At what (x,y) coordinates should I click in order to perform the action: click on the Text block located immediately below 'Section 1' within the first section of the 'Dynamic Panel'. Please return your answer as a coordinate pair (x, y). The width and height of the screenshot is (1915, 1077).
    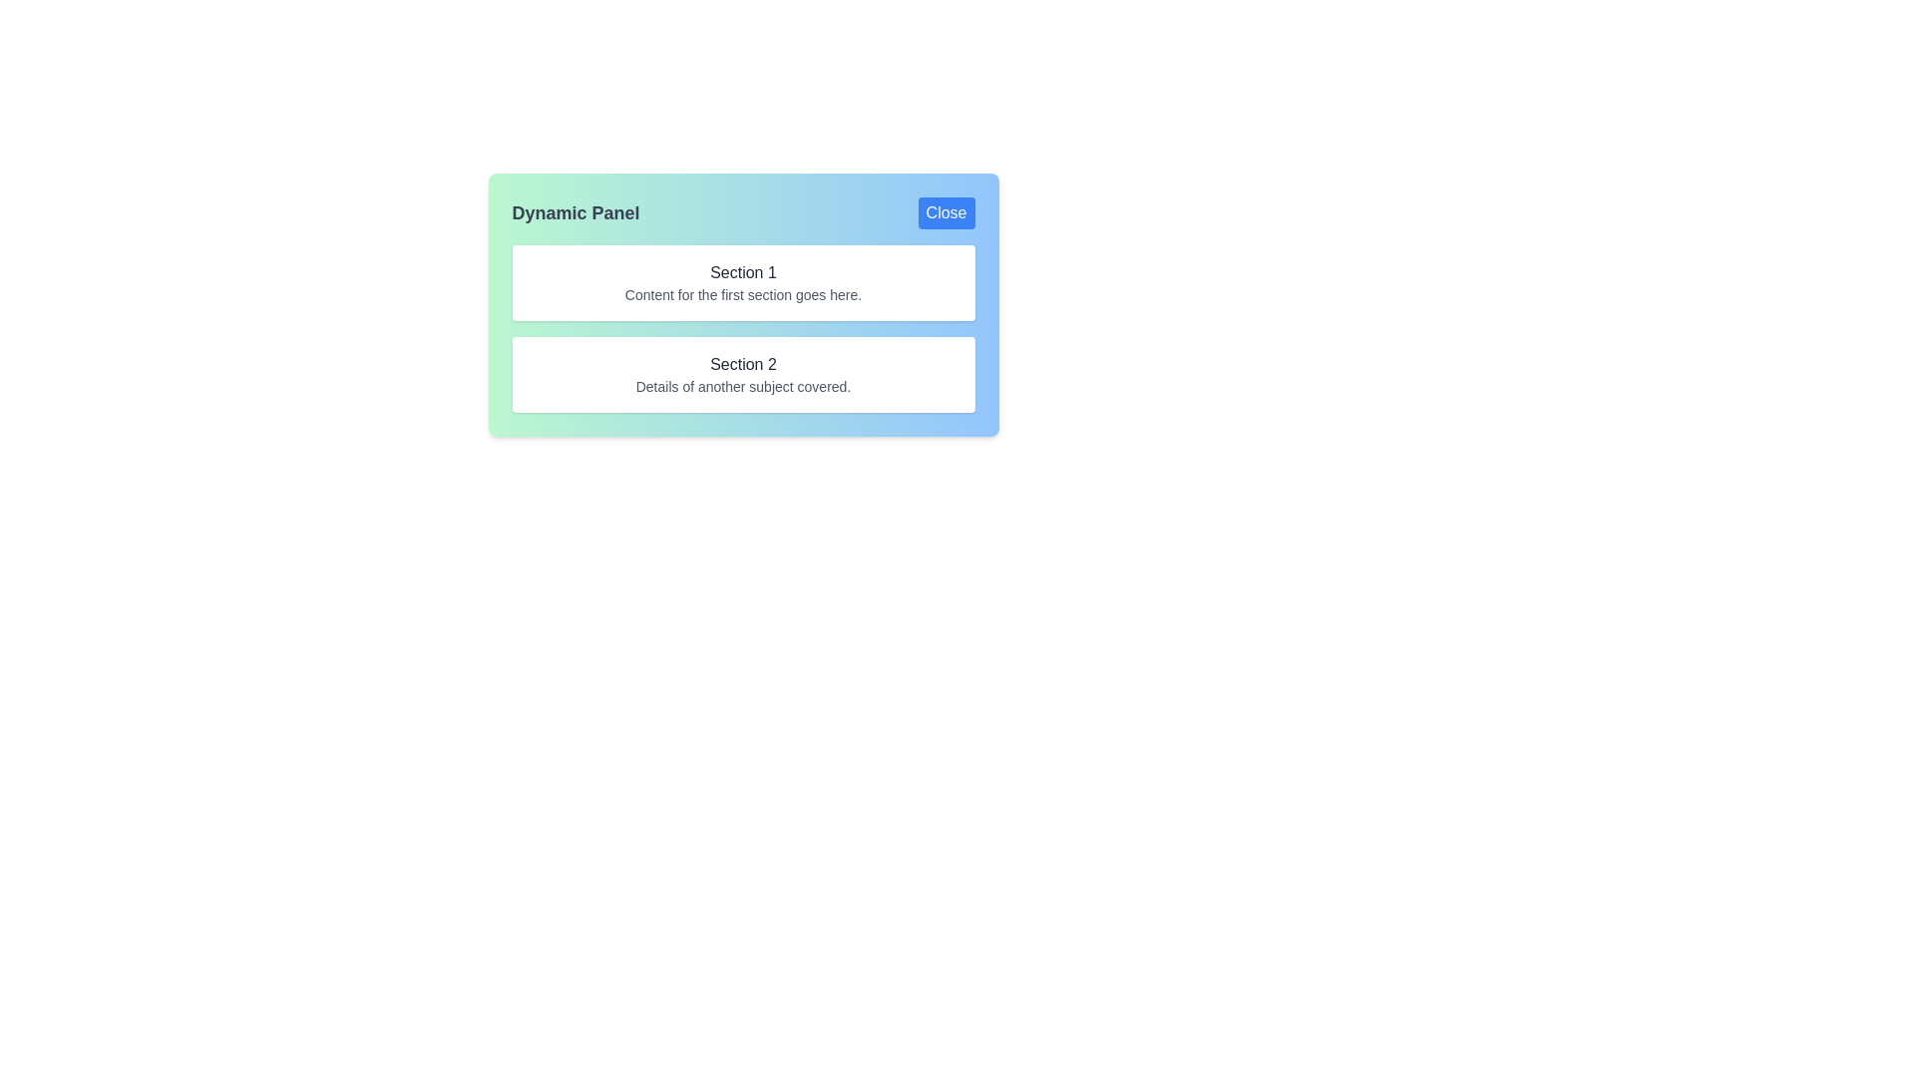
    Looking at the image, I should click on (742, 295).